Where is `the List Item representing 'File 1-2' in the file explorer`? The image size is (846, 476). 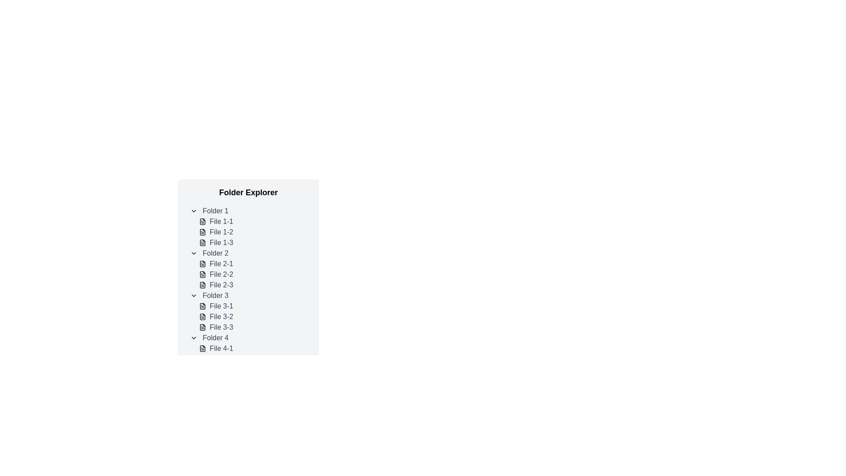
the List Item representing 'File 1-2' in the file explorer is located at coordinates (255, 232).